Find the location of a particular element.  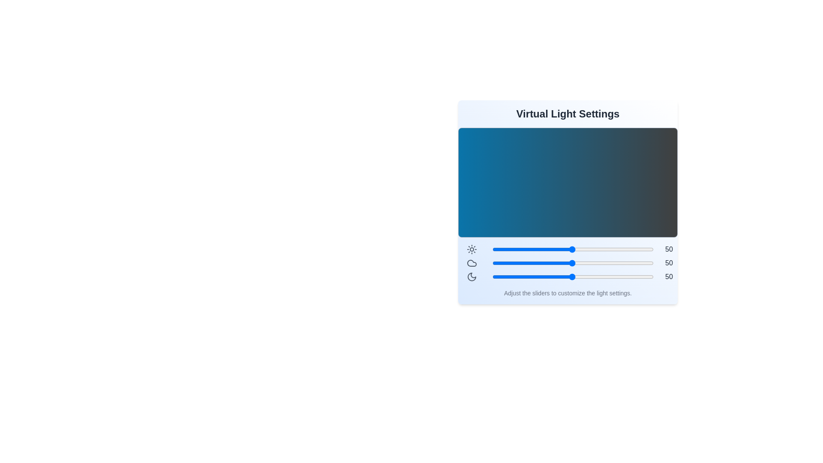

the contrast slider to 57% is located at coordinates (583, 250).